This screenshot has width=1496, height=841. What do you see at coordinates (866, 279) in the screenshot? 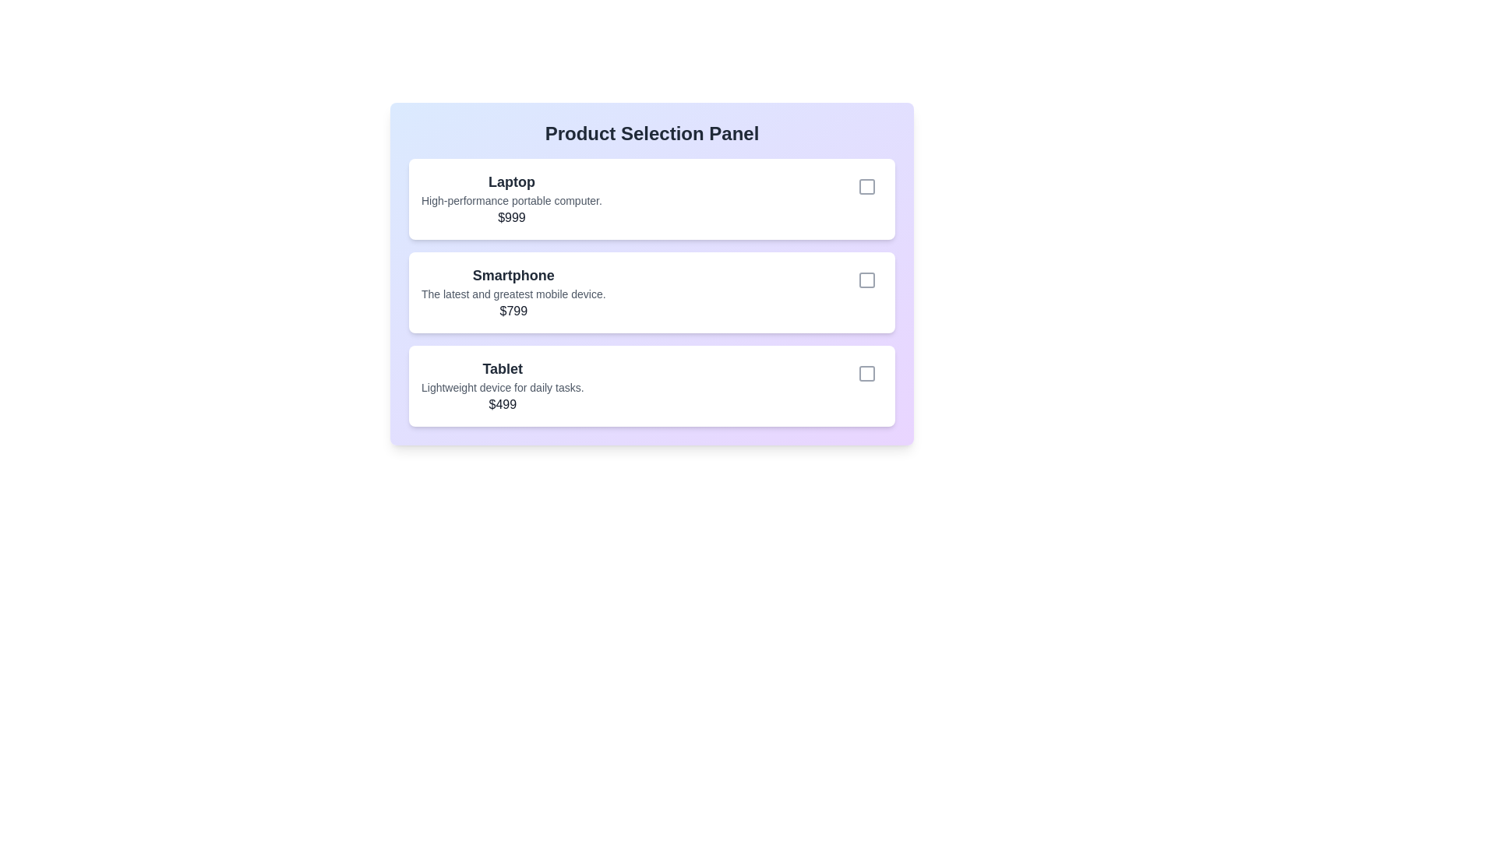
I see `the product identified by Smartphone` at bounding box center [866, 279].